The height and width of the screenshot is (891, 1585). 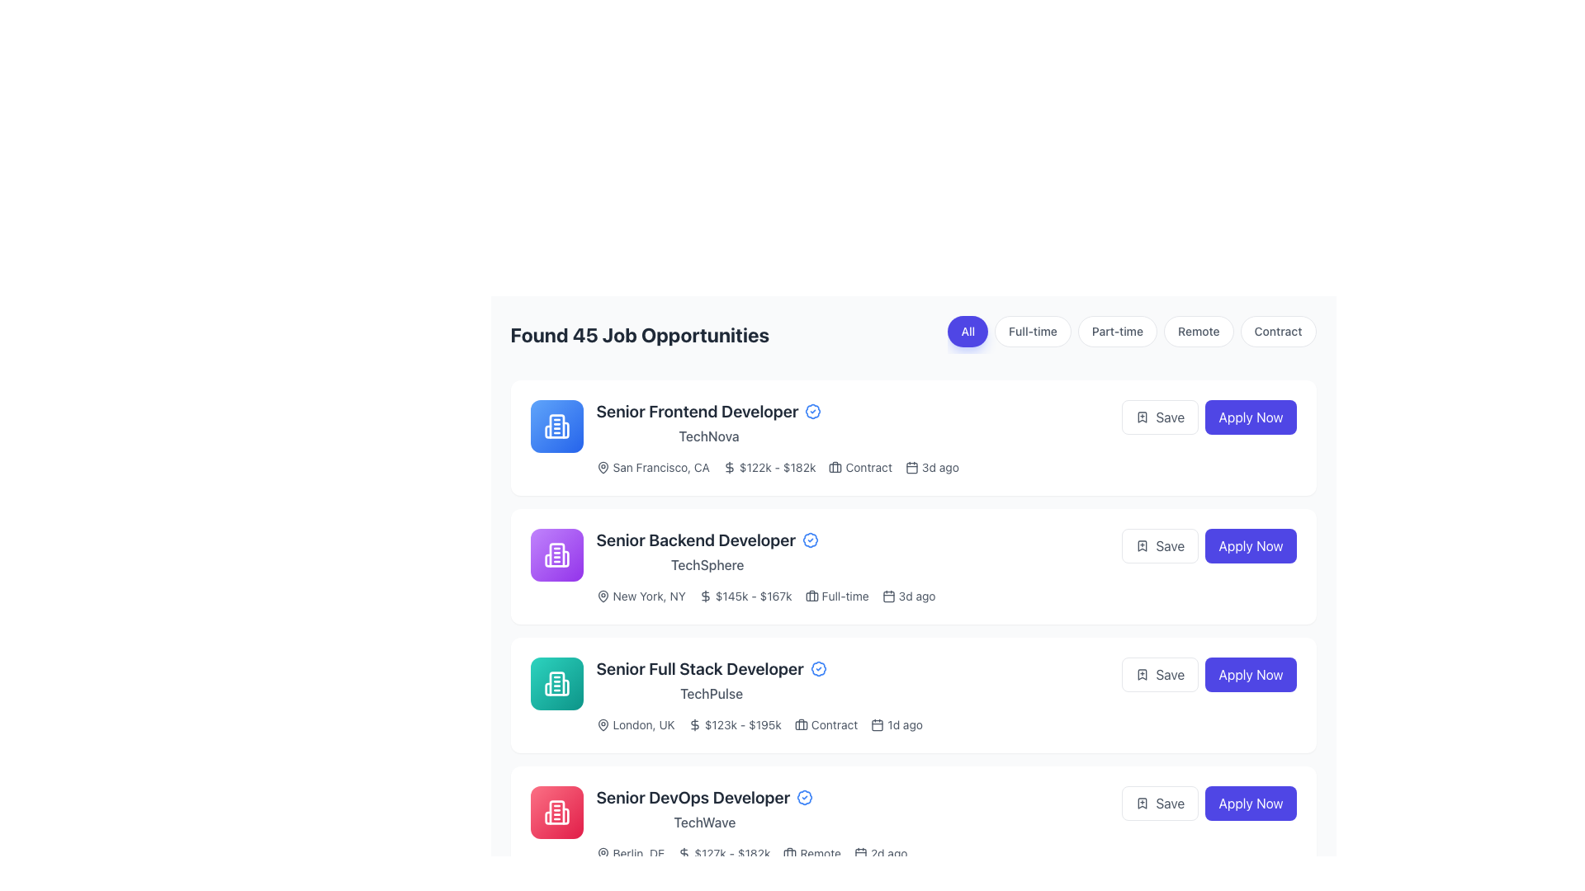 What do you see at coordinates (556, 425) in the screenshot?
I see `the building icon located to the left of the job title 'Senior Frontend Developer' in the first job listing, which is part of a circular gradient background` at bounding box center [556, 425].